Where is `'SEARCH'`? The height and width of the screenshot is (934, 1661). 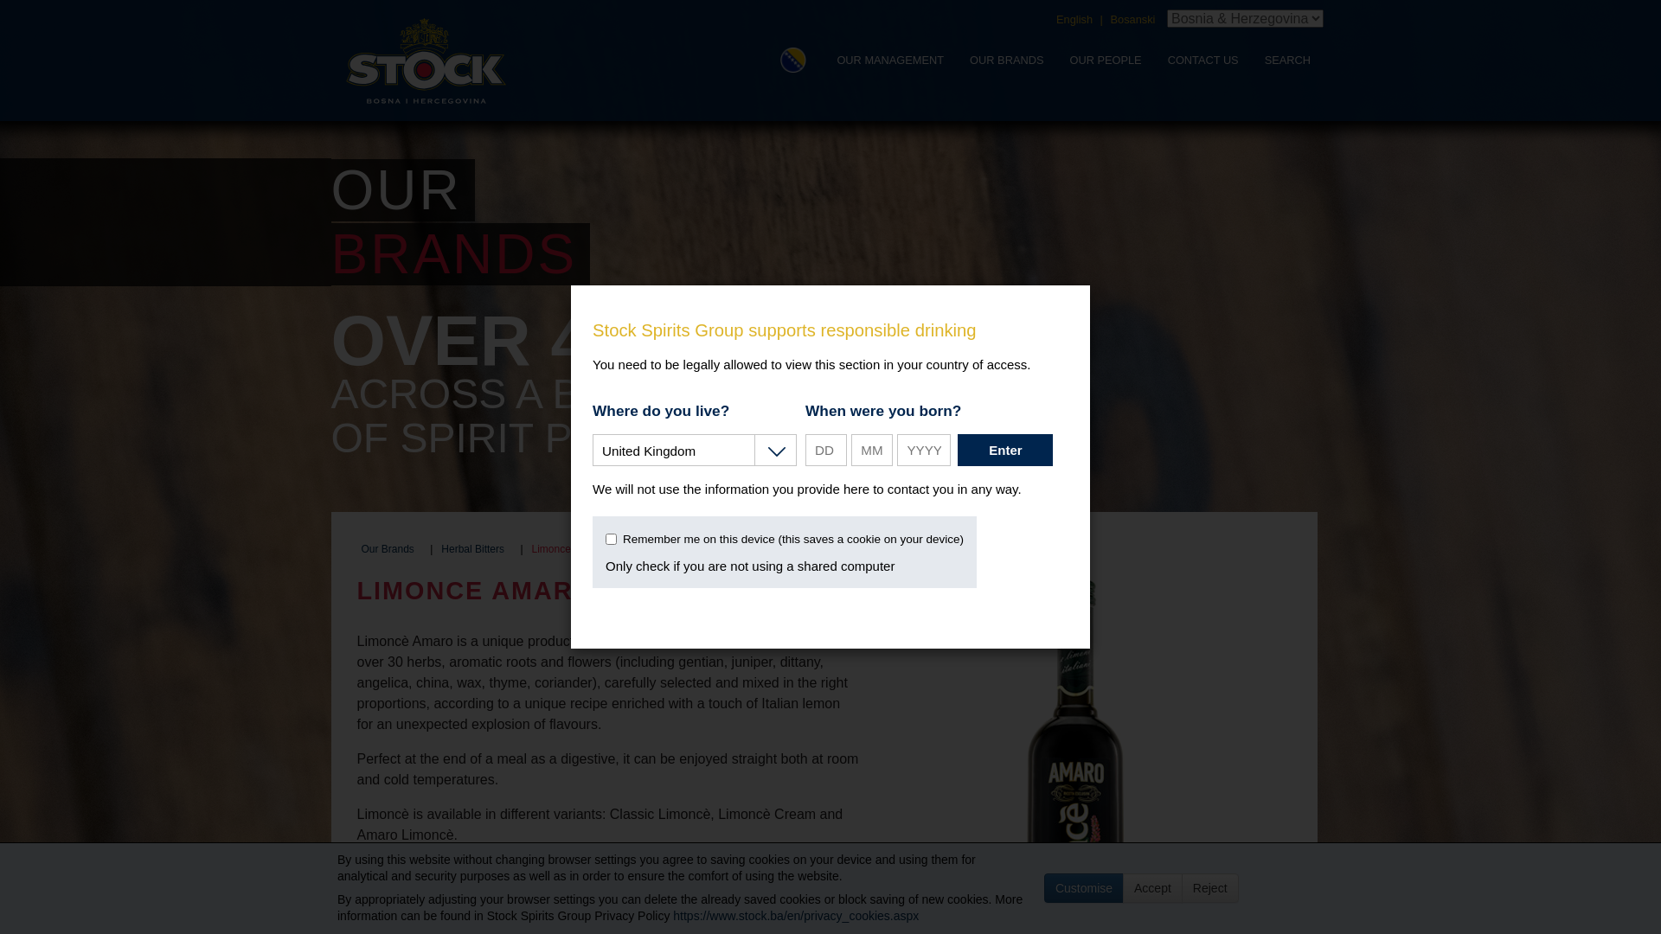
'SEARCH' is located at coordinates (1287, 59).